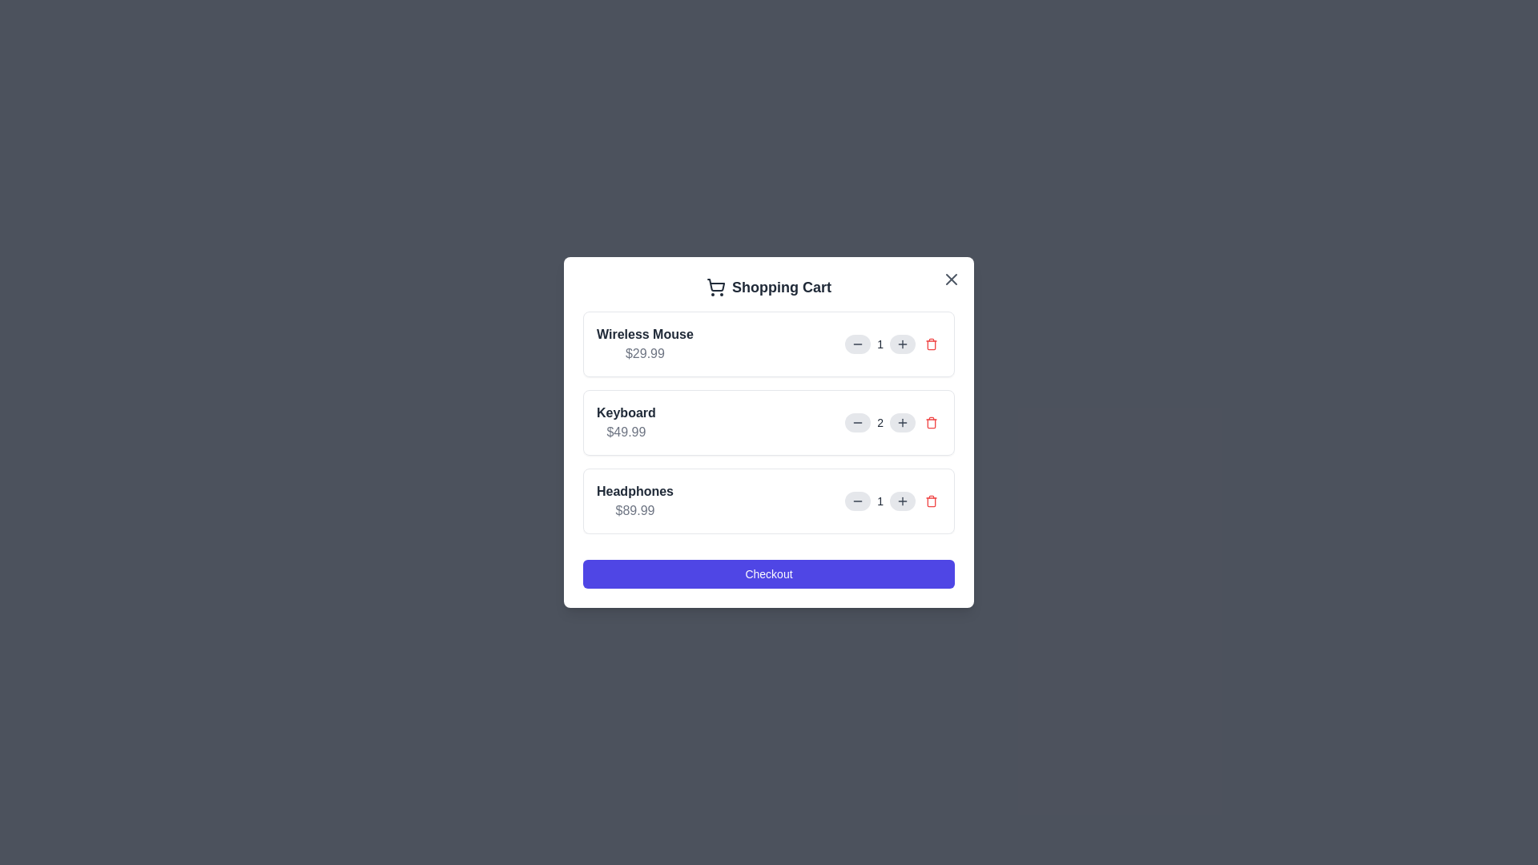 The image size is (1538, 865). What do you see at coordinates (645, 333) in the screenshot?
I see `text from the label indicating the type of product in the shopping cart, located at the top-left corner of the first item, above the price label` at bounding box center [645, 333].